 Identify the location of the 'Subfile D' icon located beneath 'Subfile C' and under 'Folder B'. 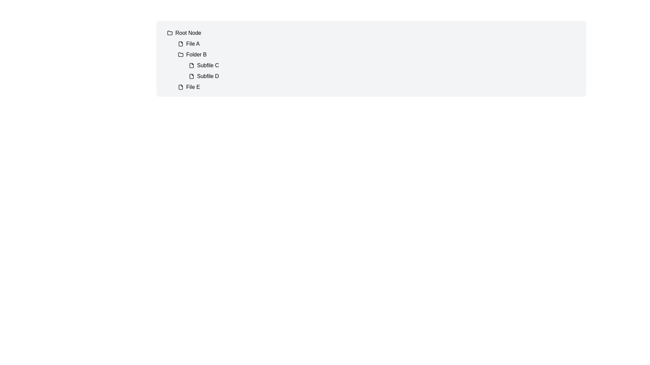
(191, 76).